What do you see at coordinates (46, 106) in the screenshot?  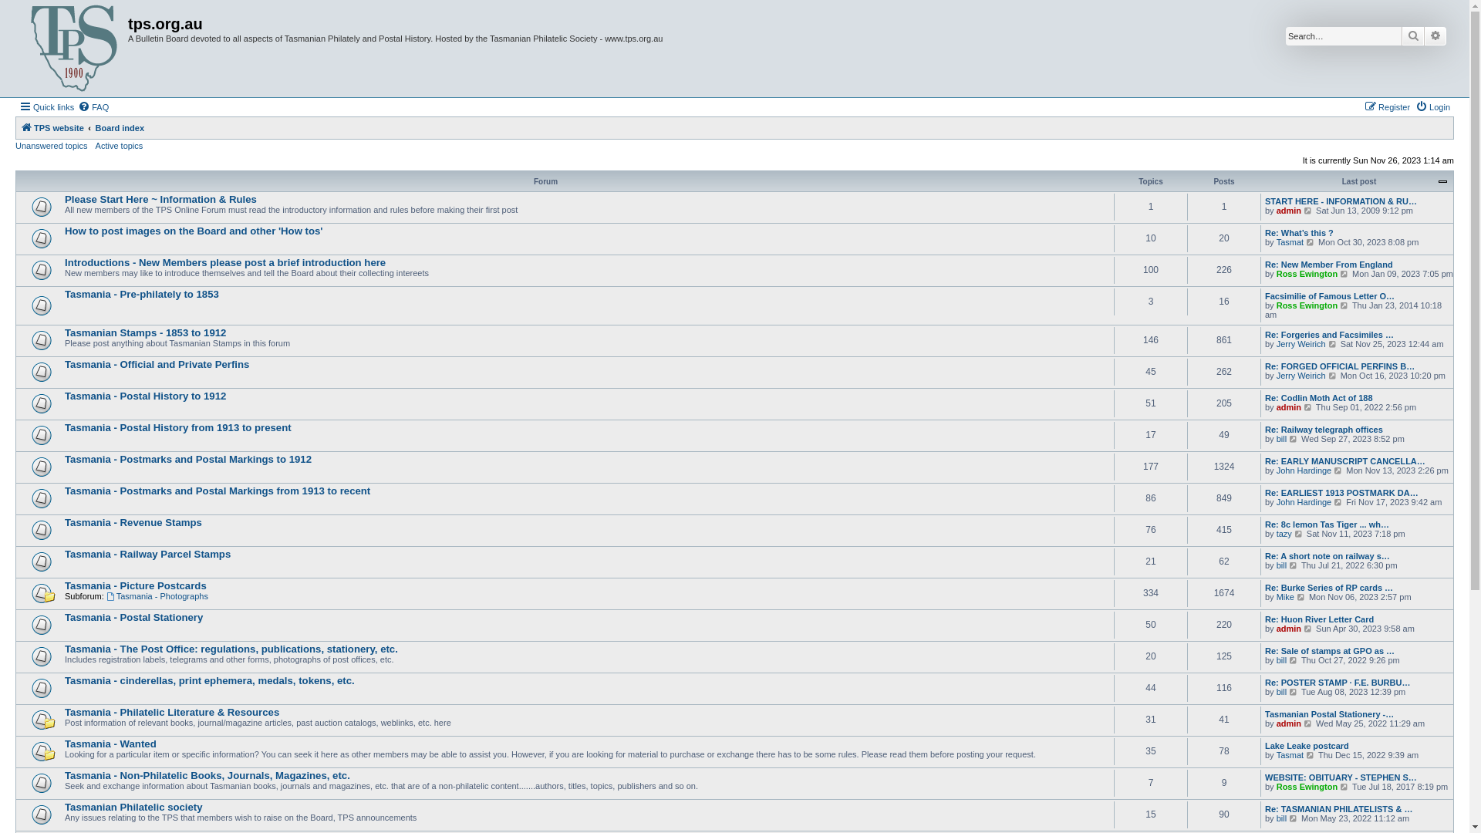 I see `'Quick links'` at bounding box center [46, 106].